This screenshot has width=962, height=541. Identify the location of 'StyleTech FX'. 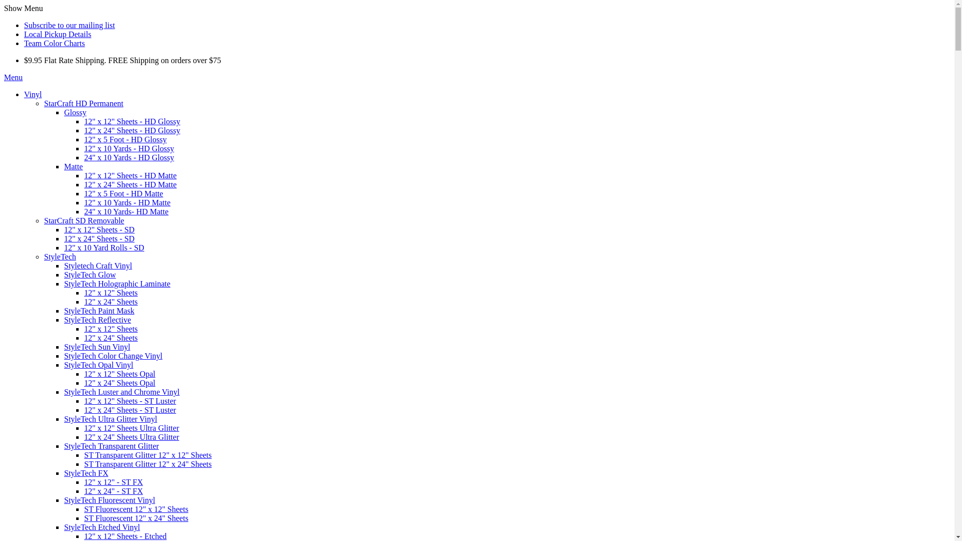
(86, 473).